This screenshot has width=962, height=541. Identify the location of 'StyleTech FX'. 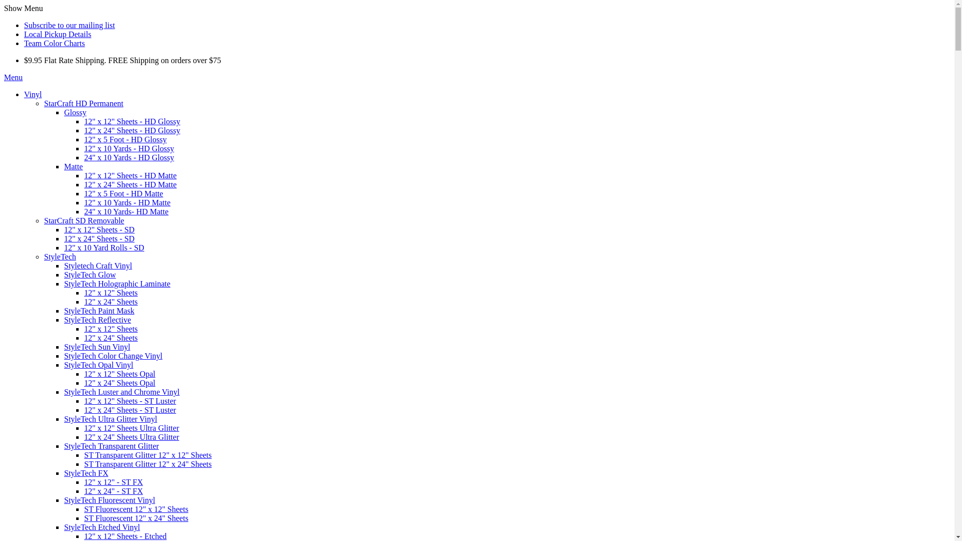
(86, 473).